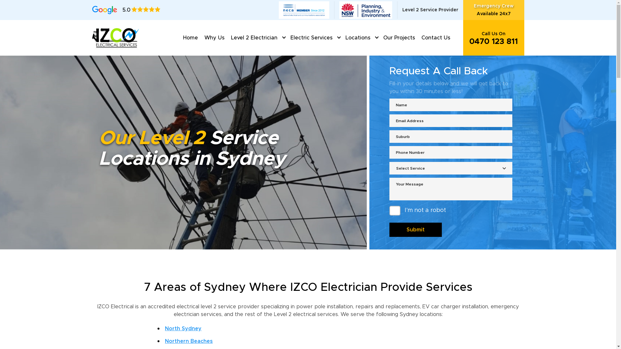  Describe the element at coordinates (389, 210) in the screenshot. I see `'I'm not a robot'` at that location.